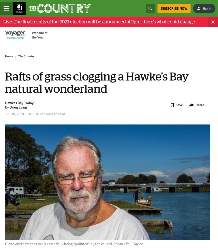 This screenshot has width=218, height=250. What do you see at coordinates (177, 20) in the screenshot?
I see `'Please enter a minimum of 2 characters for your search query'` at bounding box center [177, 20].